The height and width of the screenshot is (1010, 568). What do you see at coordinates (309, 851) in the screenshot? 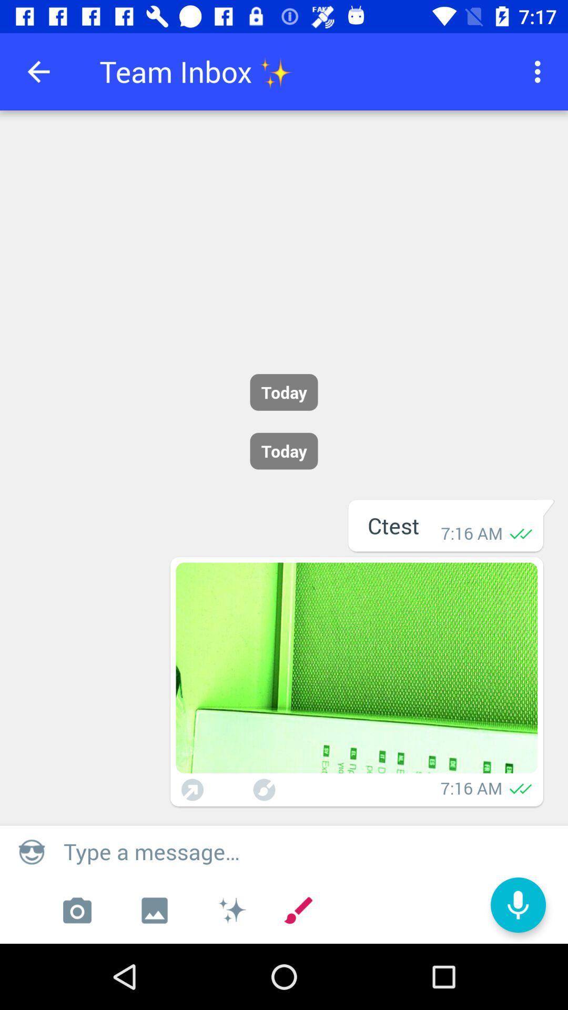
I see `type a message` at bounding box center [309, 851].